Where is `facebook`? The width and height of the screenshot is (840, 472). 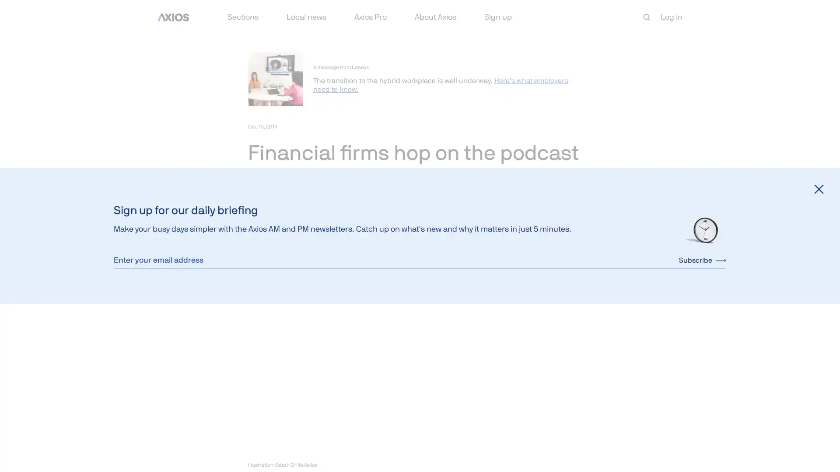
facebook is located at coordinates (254, 237).